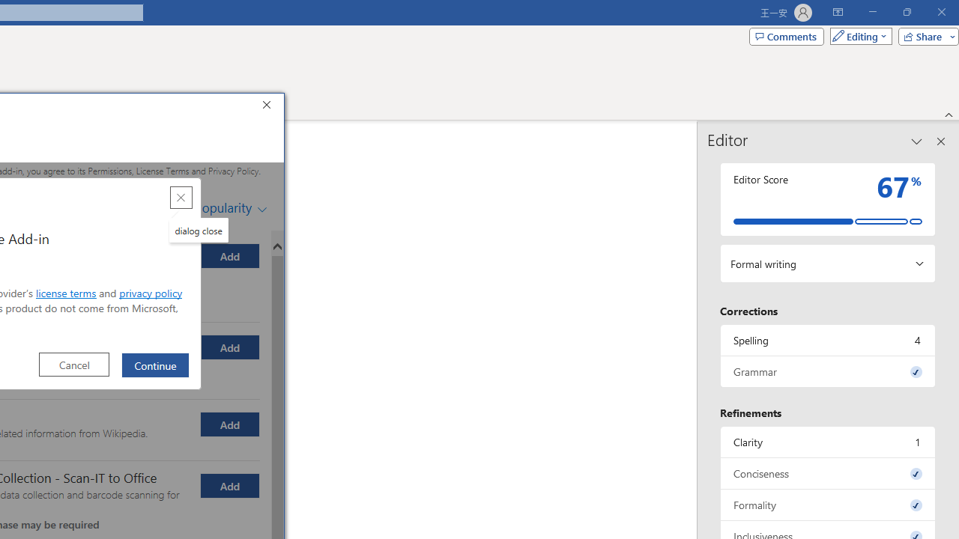 This screenshot has width=959, height=539. Describe the element at coordinates (198, 230) in the screenshot. I see `'dialog close'` at that location.